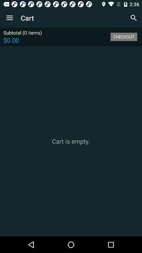 The height and width of the screenshot is (253, 142). I want to click on the item to the right of the subtotal (0 items), so click(124, 36).